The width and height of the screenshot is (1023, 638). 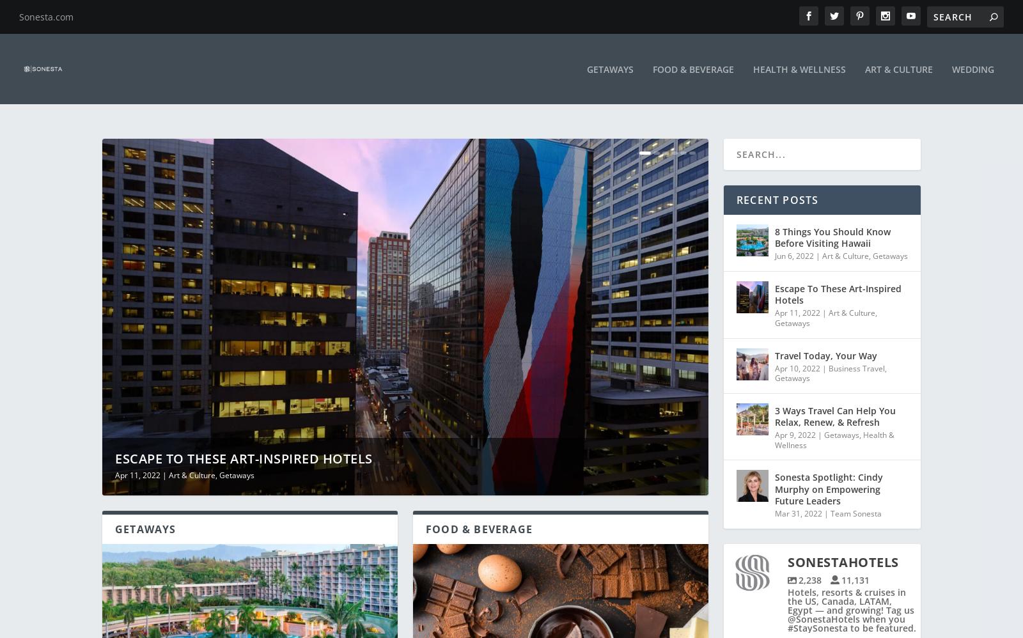 What do you see at coordinates (851, 601) in the screenshot?
I see `'Hotels, resorts & cruises in the US, Canada, LATAM, Egypt — and growing! Tag us @SonestaHotels when you #StaySonesta to be featured.'` at bounding box center [851, 601].